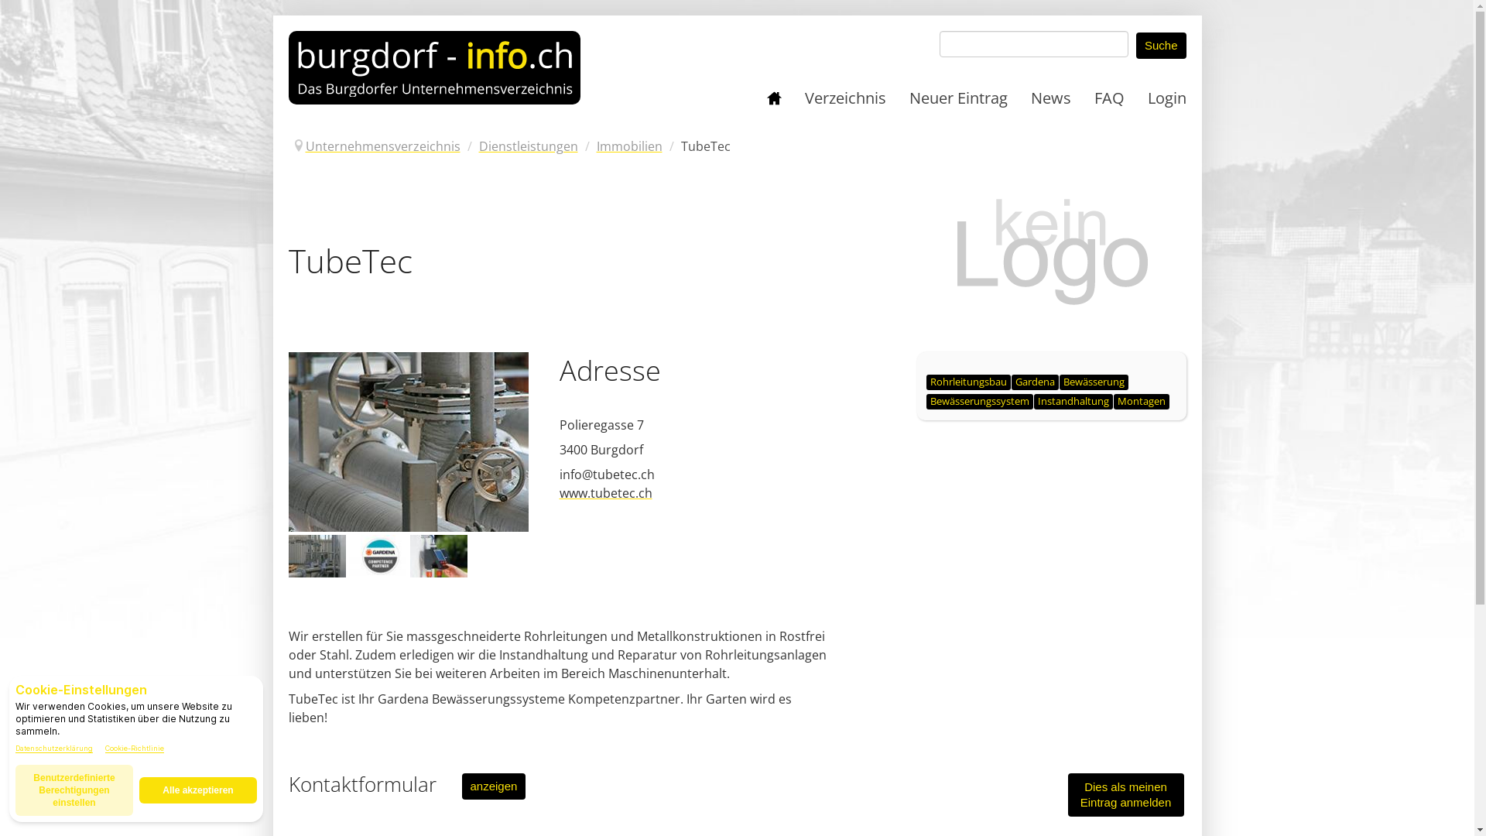  Describe the element at coordinates (1073, 401) in the screenshot. I see `'Instandhaltung'` at that location.